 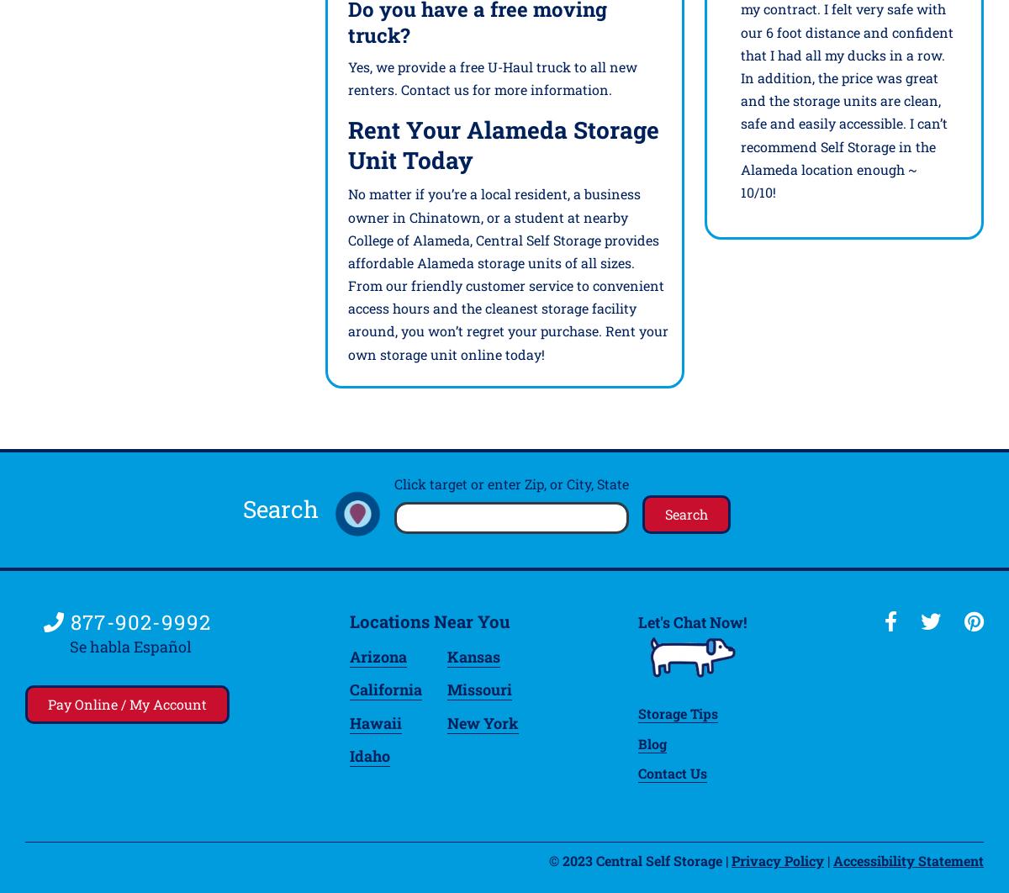 I want to click on 'Privacy Policy', so click(x=731, y=859).